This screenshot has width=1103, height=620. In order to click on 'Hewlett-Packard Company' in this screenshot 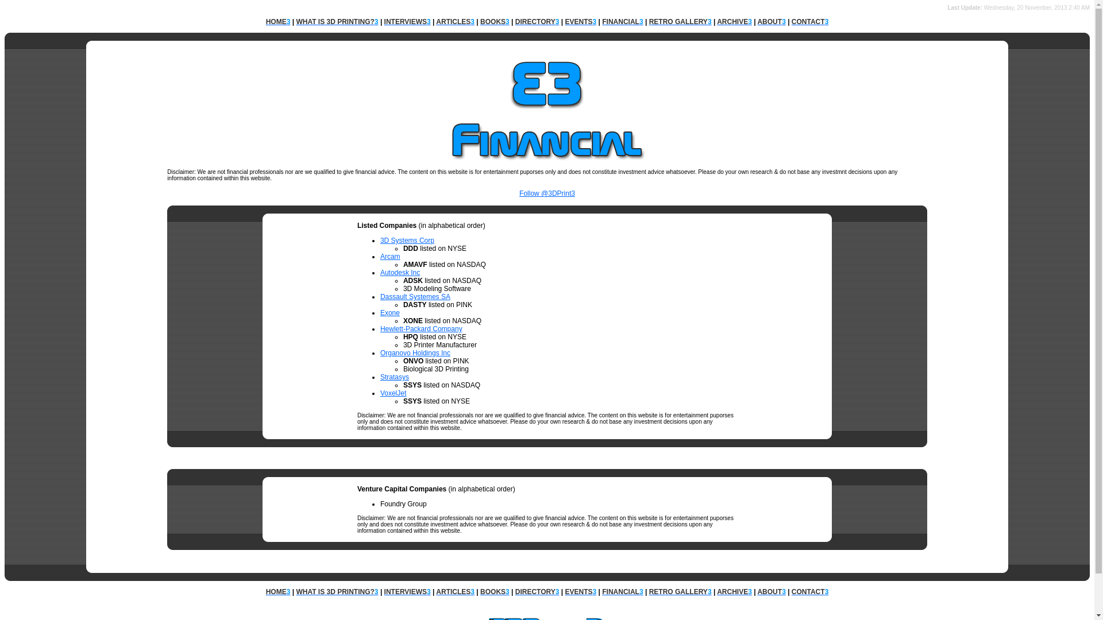, I will do `click(421, 329)`.